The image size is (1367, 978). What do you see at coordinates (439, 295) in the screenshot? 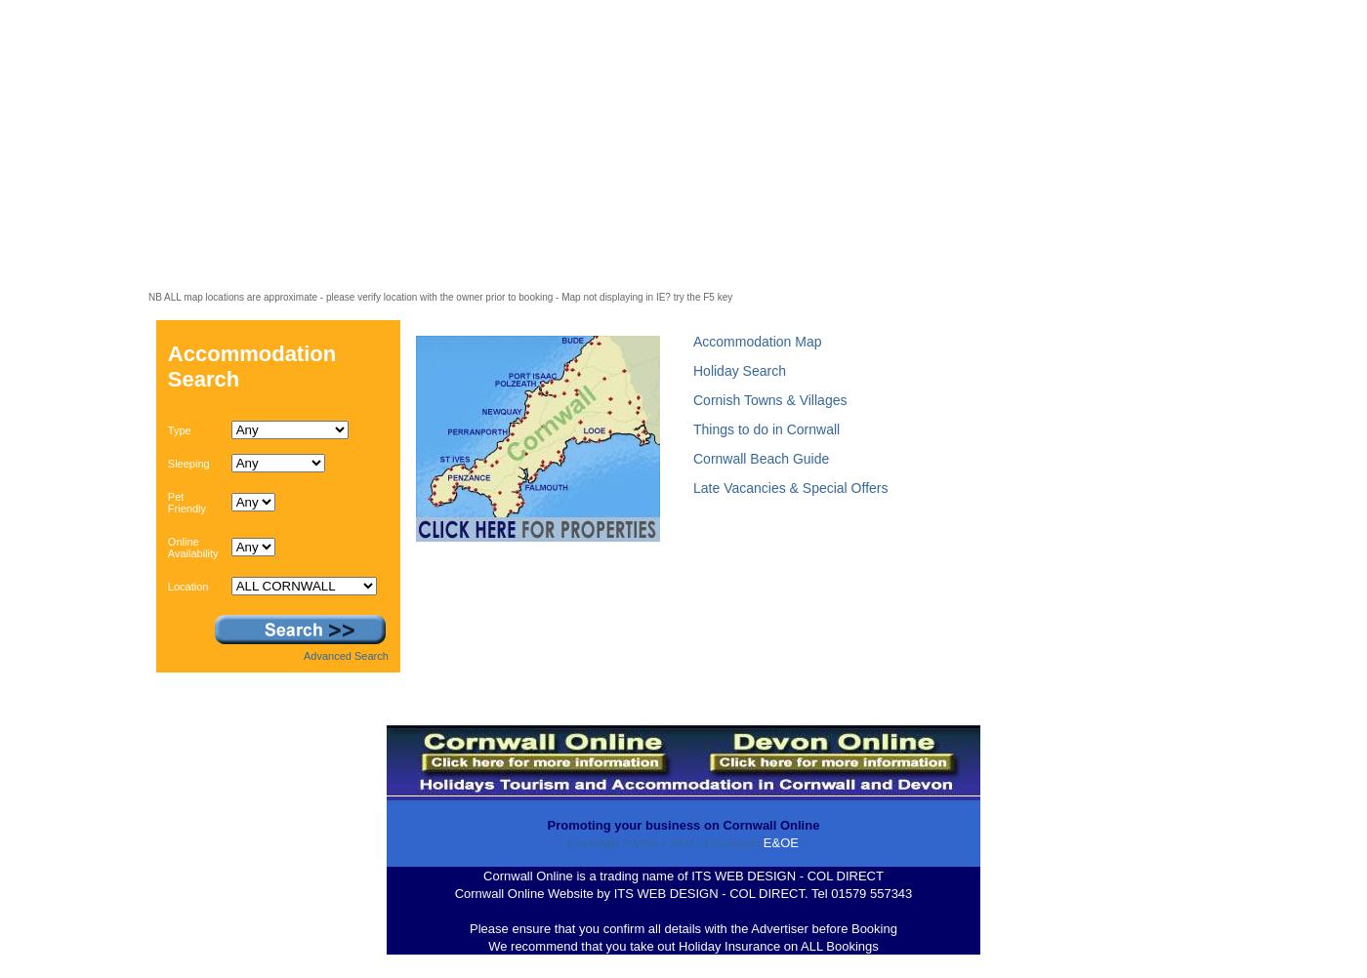
I see `'NB ALL map locations 
                are approximate - please verify location with the owner prior 
                to booking - Map not displaying in IE? try the F5 key'` at bounding box center [439, 295].